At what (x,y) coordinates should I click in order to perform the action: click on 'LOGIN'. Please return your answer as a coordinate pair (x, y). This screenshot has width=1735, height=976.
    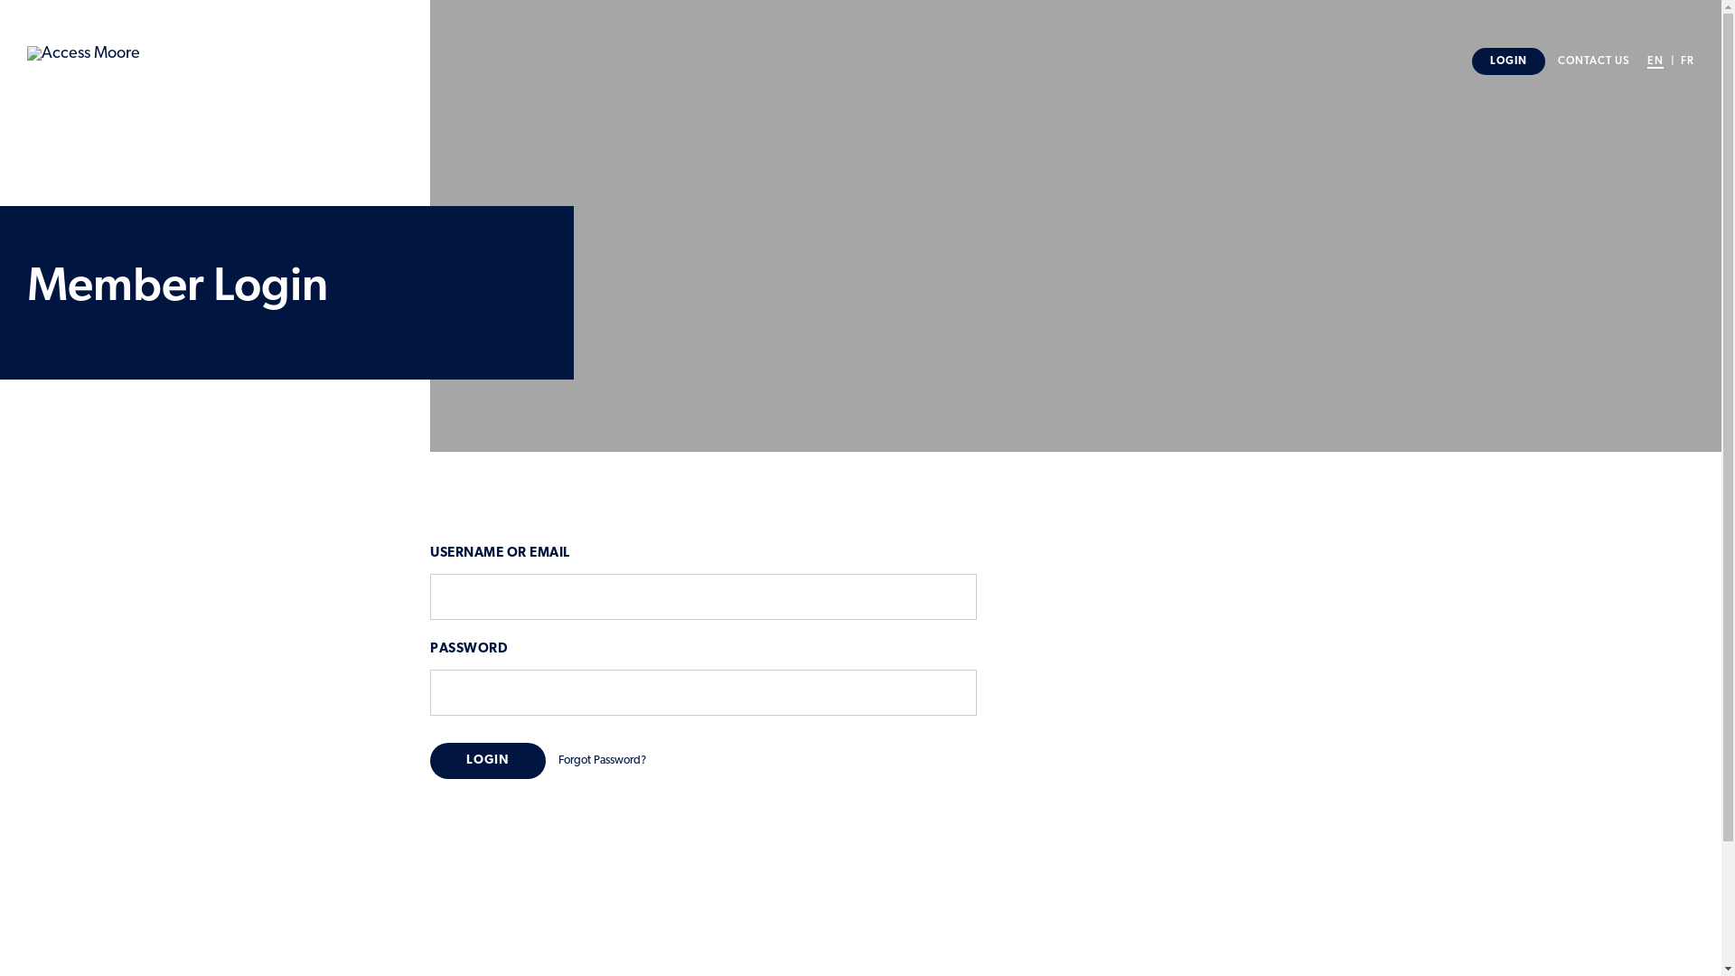
    Looking at the image, I should click on (1508, 59).